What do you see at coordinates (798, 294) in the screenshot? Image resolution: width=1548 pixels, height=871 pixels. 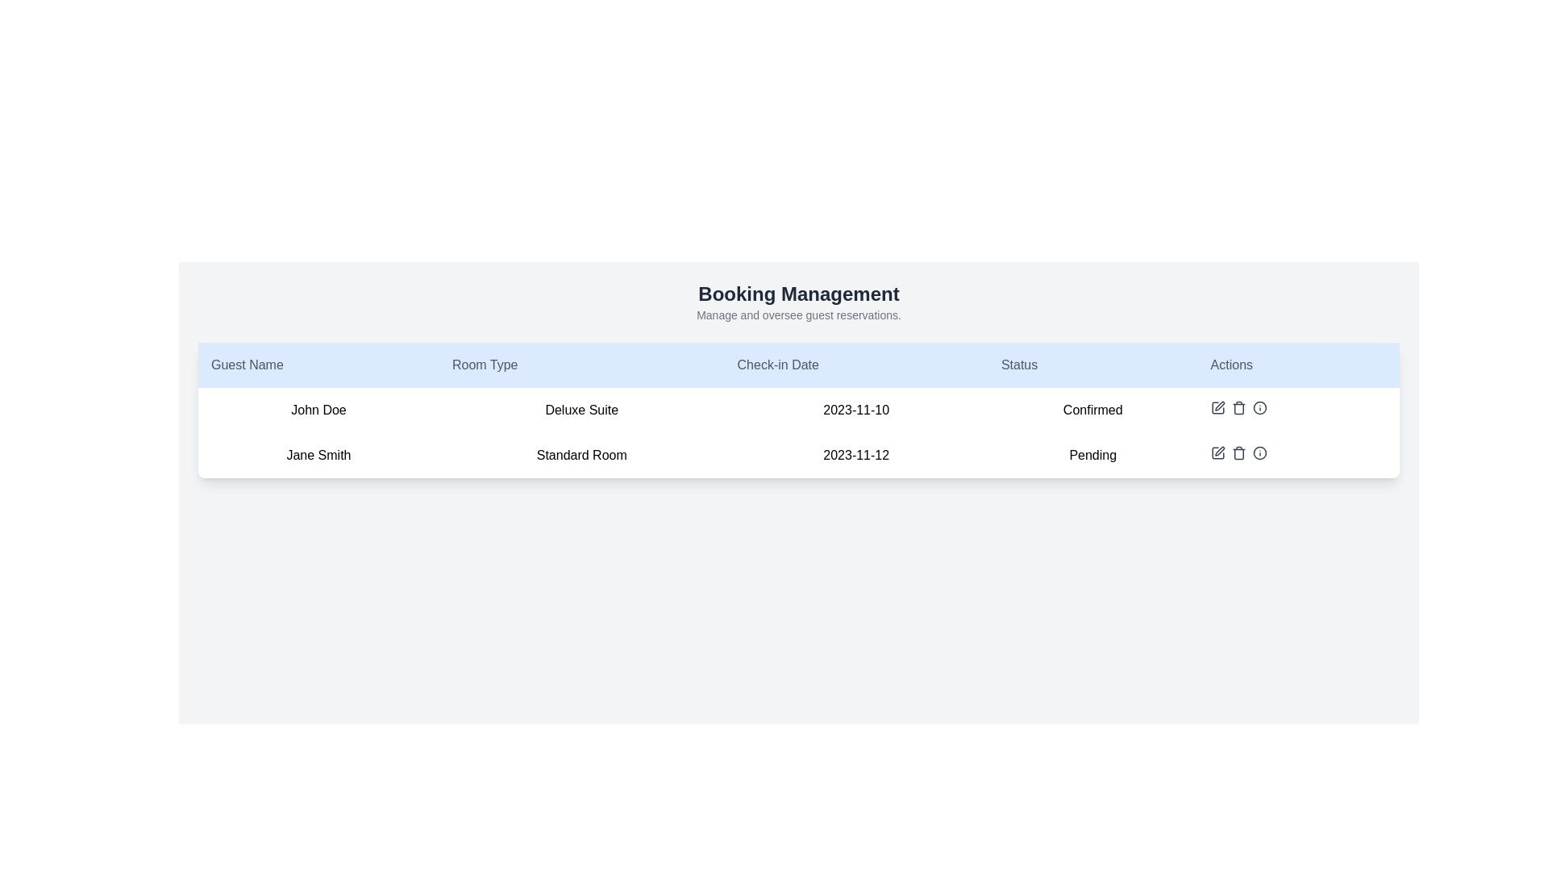 I see `text of the heading element located at the top center of the page, which serves as a title for the booking management section` at bounding box center [798, 294].